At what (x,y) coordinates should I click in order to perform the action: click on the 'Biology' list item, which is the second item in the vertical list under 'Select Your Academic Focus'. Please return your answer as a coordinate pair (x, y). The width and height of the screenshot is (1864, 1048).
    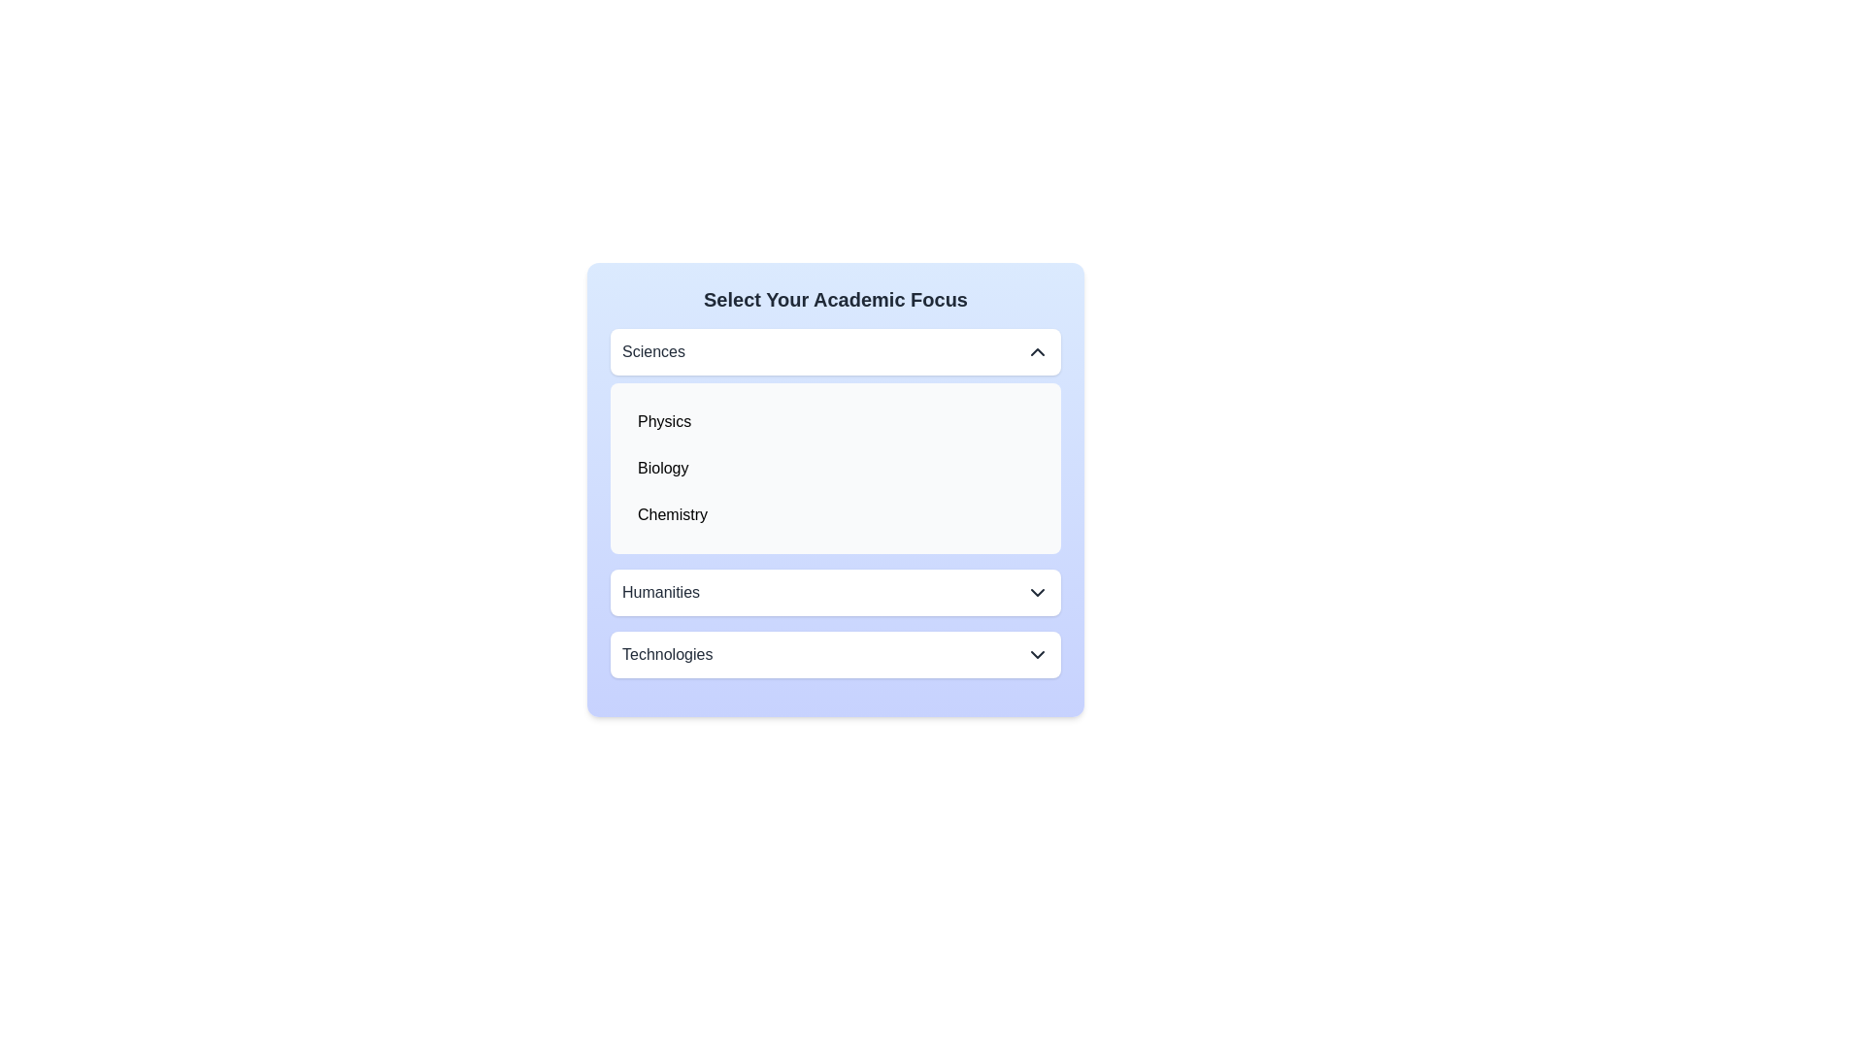
    Looking at the image, I should click on (835, 468).